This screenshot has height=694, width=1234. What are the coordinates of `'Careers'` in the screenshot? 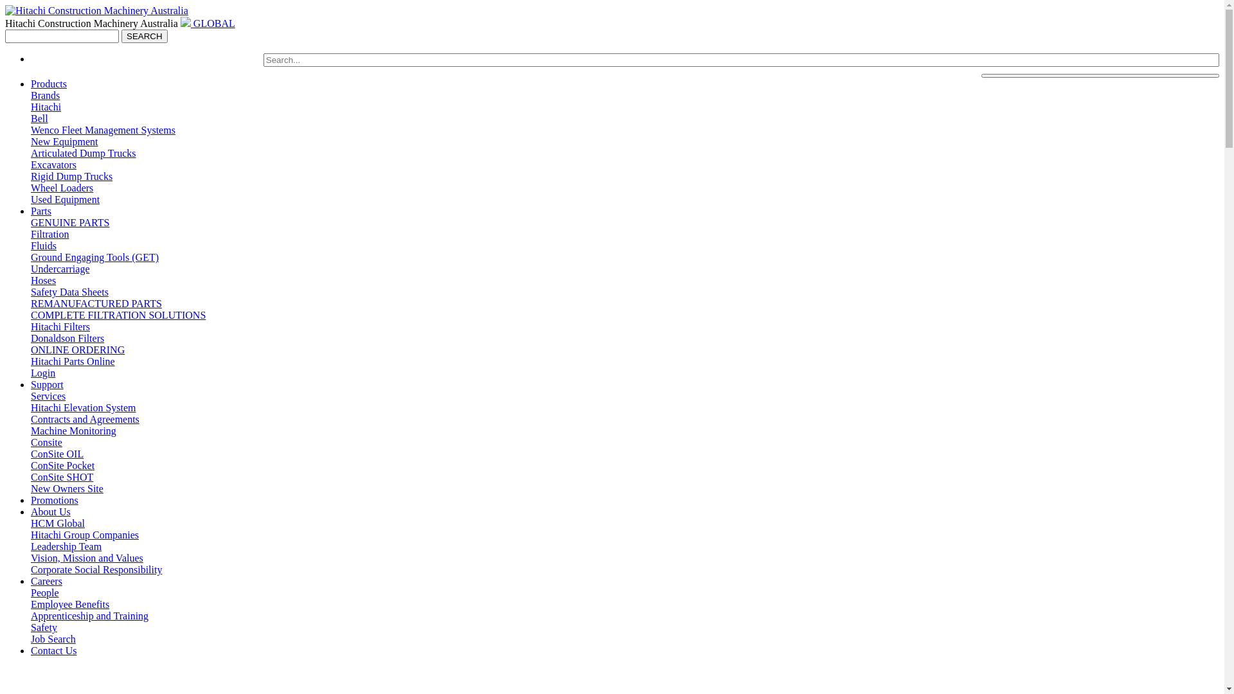 It's located at (46, 581).